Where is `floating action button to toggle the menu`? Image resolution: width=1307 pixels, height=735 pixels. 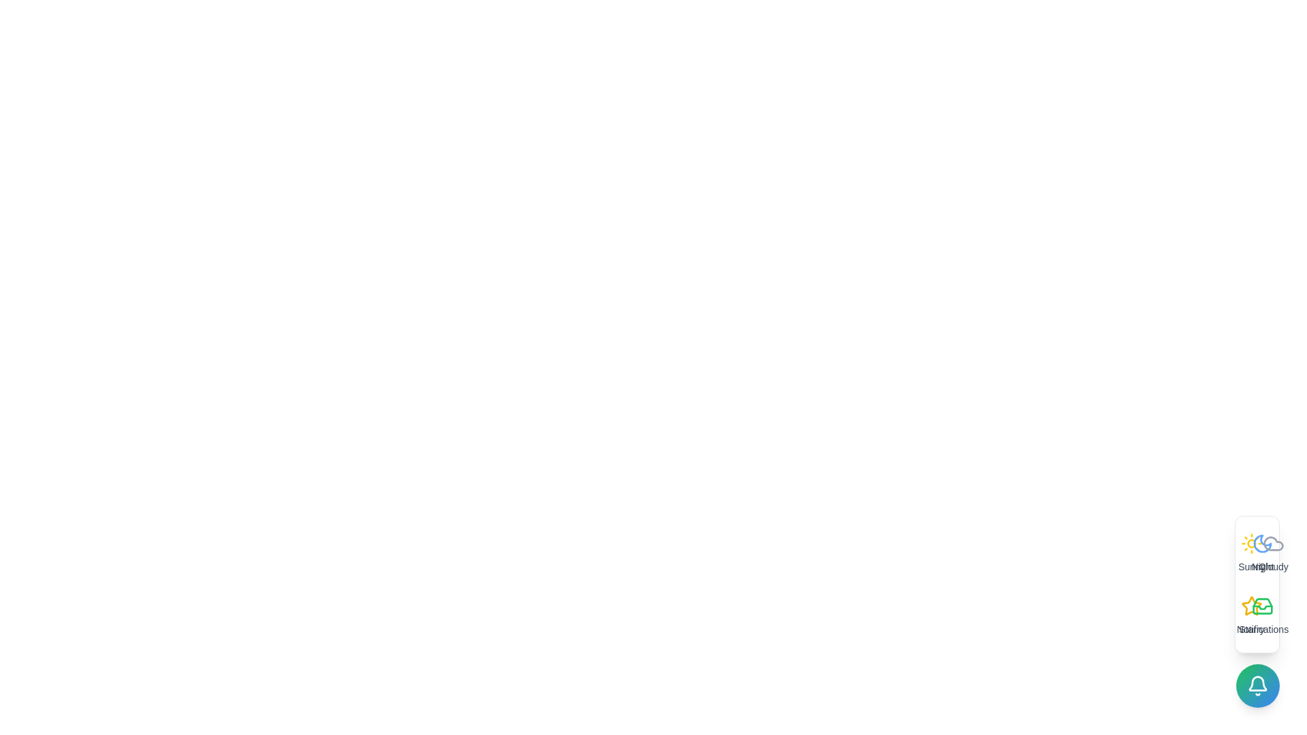 floating action button to toggle the menu is located at coordinates (1257, 685).